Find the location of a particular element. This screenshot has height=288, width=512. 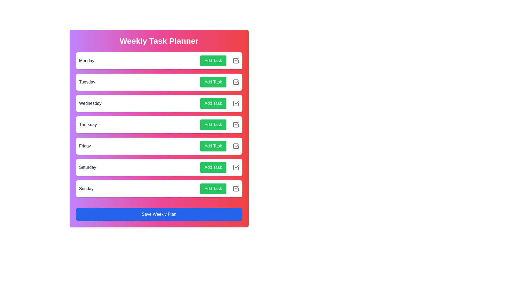

the day name Tuesday is located at coordinates (87, 82).